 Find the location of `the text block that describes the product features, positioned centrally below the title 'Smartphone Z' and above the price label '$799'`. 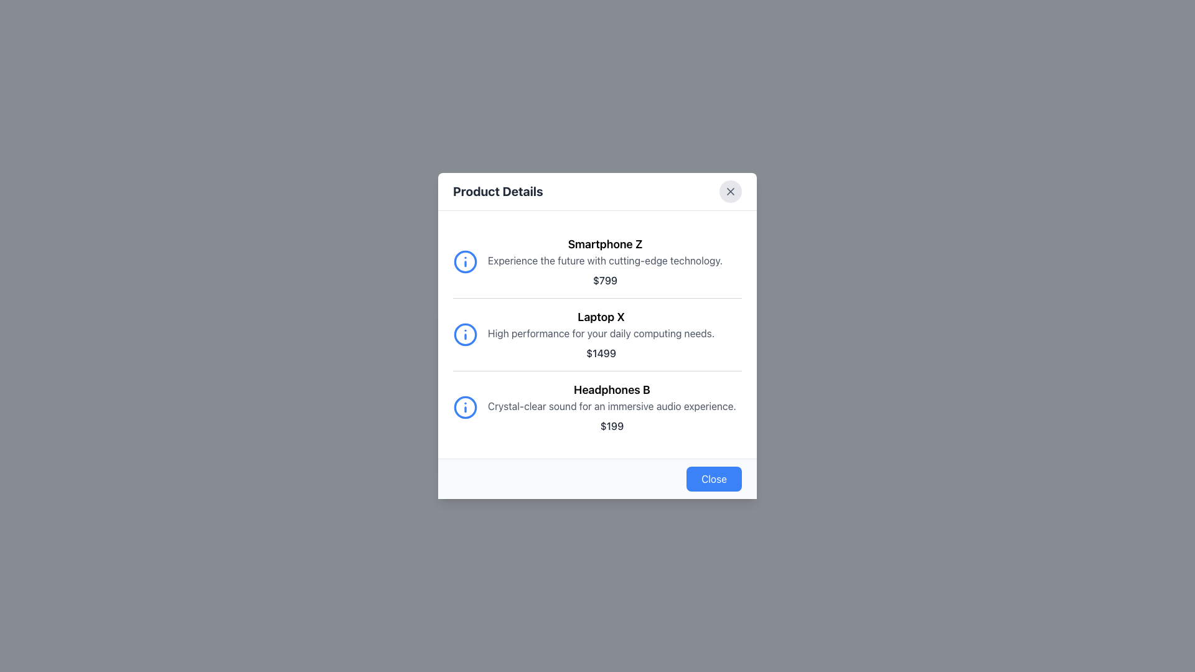

the text block that describes the product features, positioned centrally below the title 'Smartphone Z' and above the price label '$799' is located at coordinates (605, 260).